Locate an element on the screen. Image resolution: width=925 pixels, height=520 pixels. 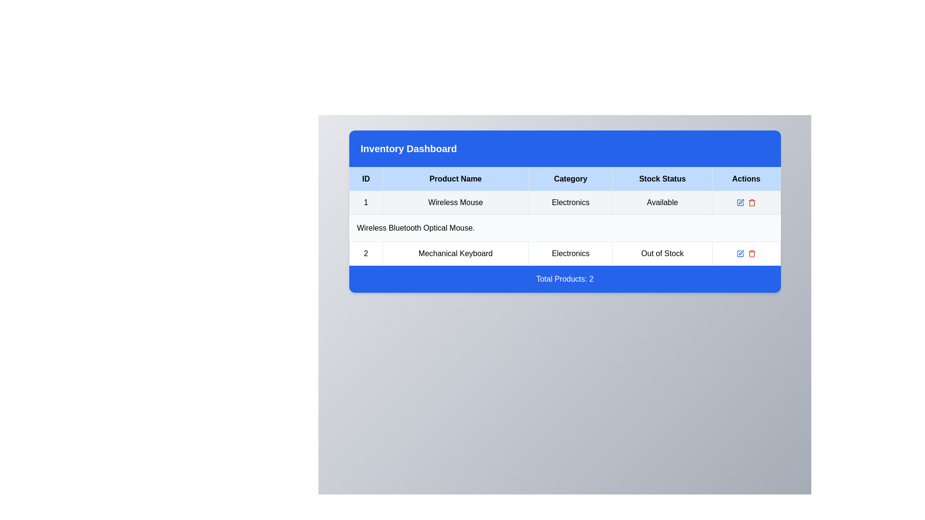
the static text element labeled 'Wireless Mouse' in the inventory table, which is the second cell in the row next to the number '1' and the cell displaying 'Electronics' is located at coordinates (455, 202).